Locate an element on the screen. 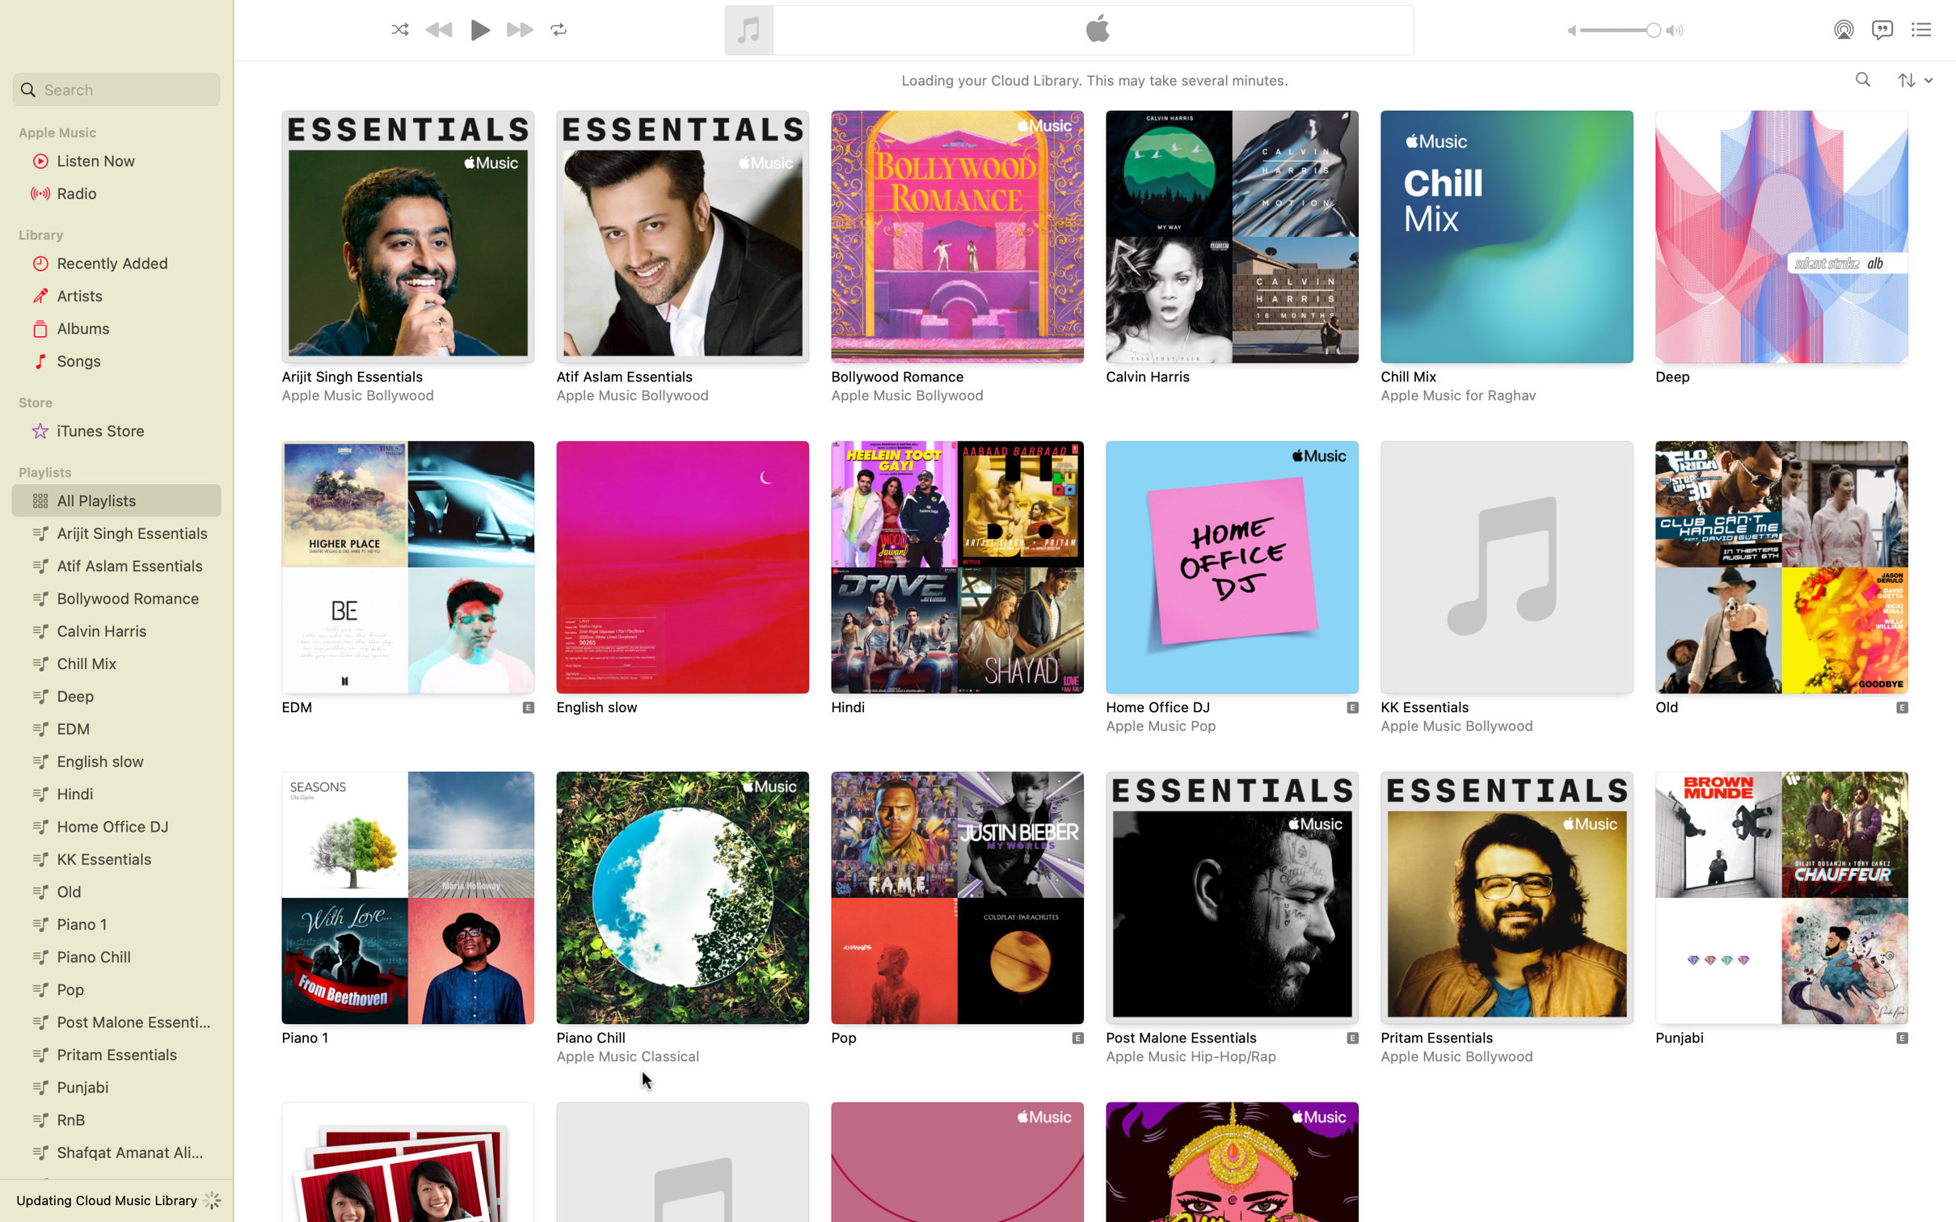 Image resolution: width=1956 pixels, height=1222 pixels. Confirm the existence of English Slow playlist is located at coordinates (681, 583).